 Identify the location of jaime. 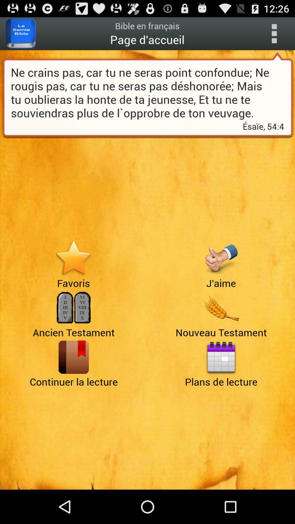
(221, 258).